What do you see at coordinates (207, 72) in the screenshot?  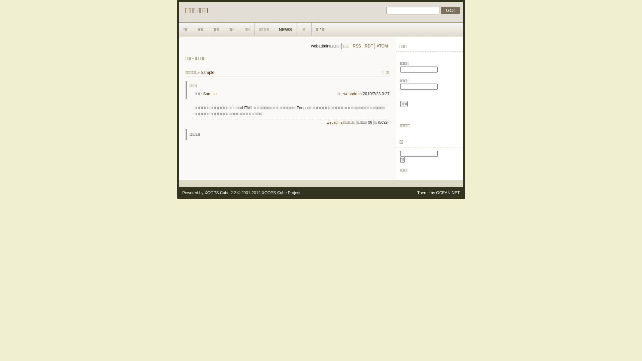 I see `'Sample'` at bounding box center [207, 72].